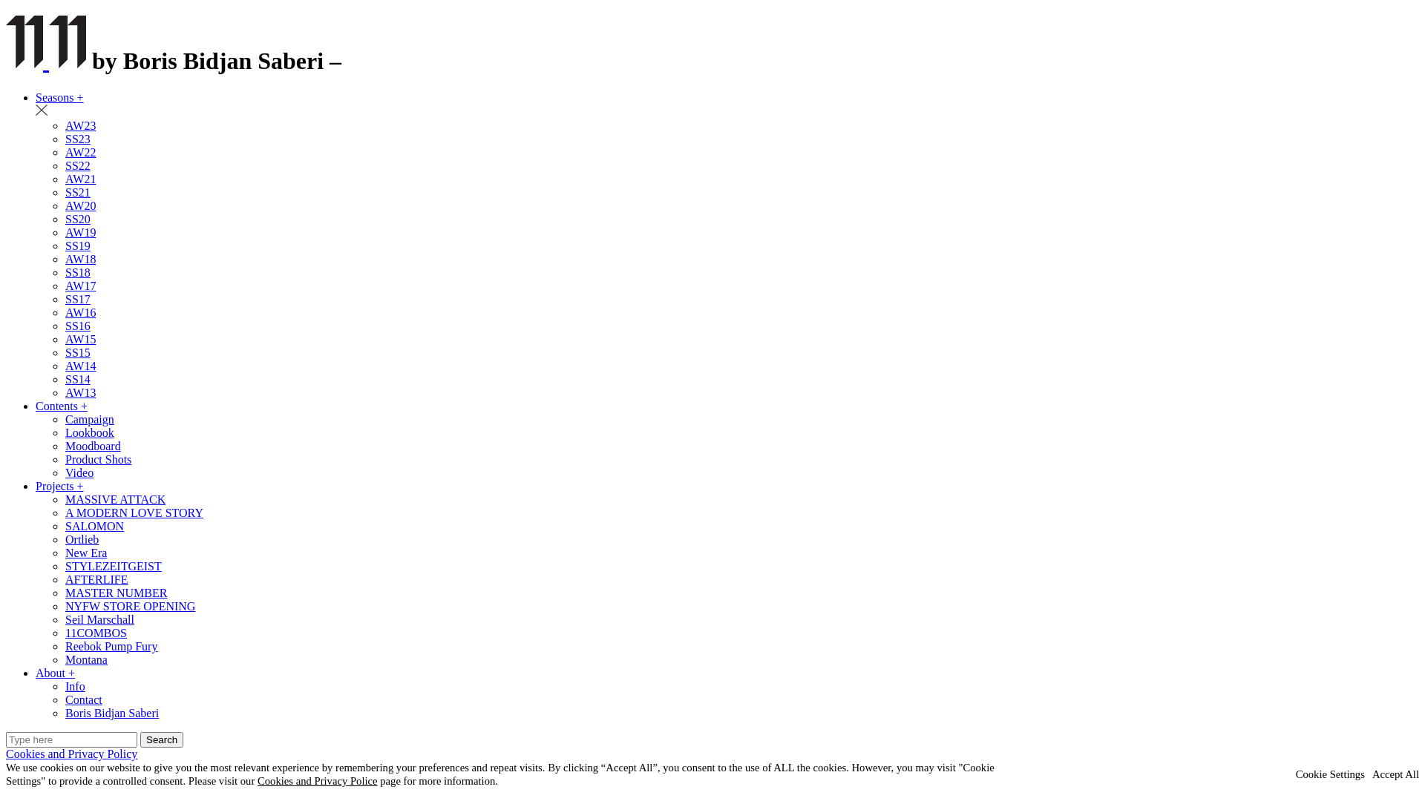 This screenshot has height=801, width=1425. Describe the element at coordinates (27, 59) in the screenshot. I see `'Back to Home'` at that location.